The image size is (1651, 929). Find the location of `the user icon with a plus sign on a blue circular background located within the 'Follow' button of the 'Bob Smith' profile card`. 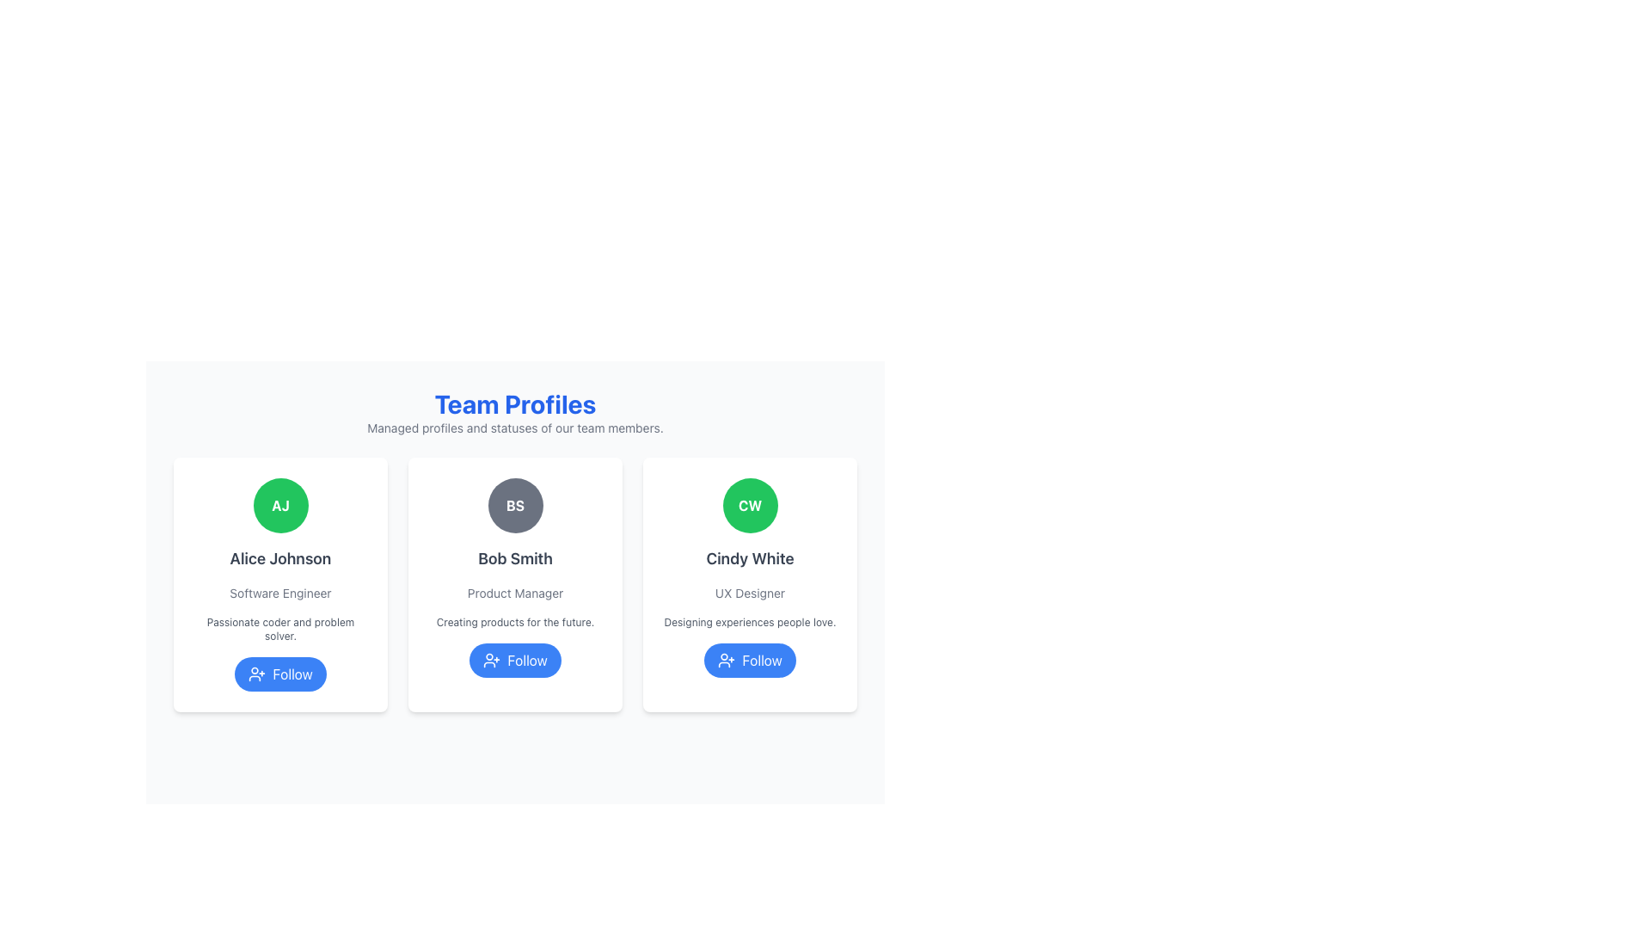

the user icon with a plus sign on a blue circular background located within the 'Follow' button of the 'Bob Smith' profile card is located at coordinates (491, 659).